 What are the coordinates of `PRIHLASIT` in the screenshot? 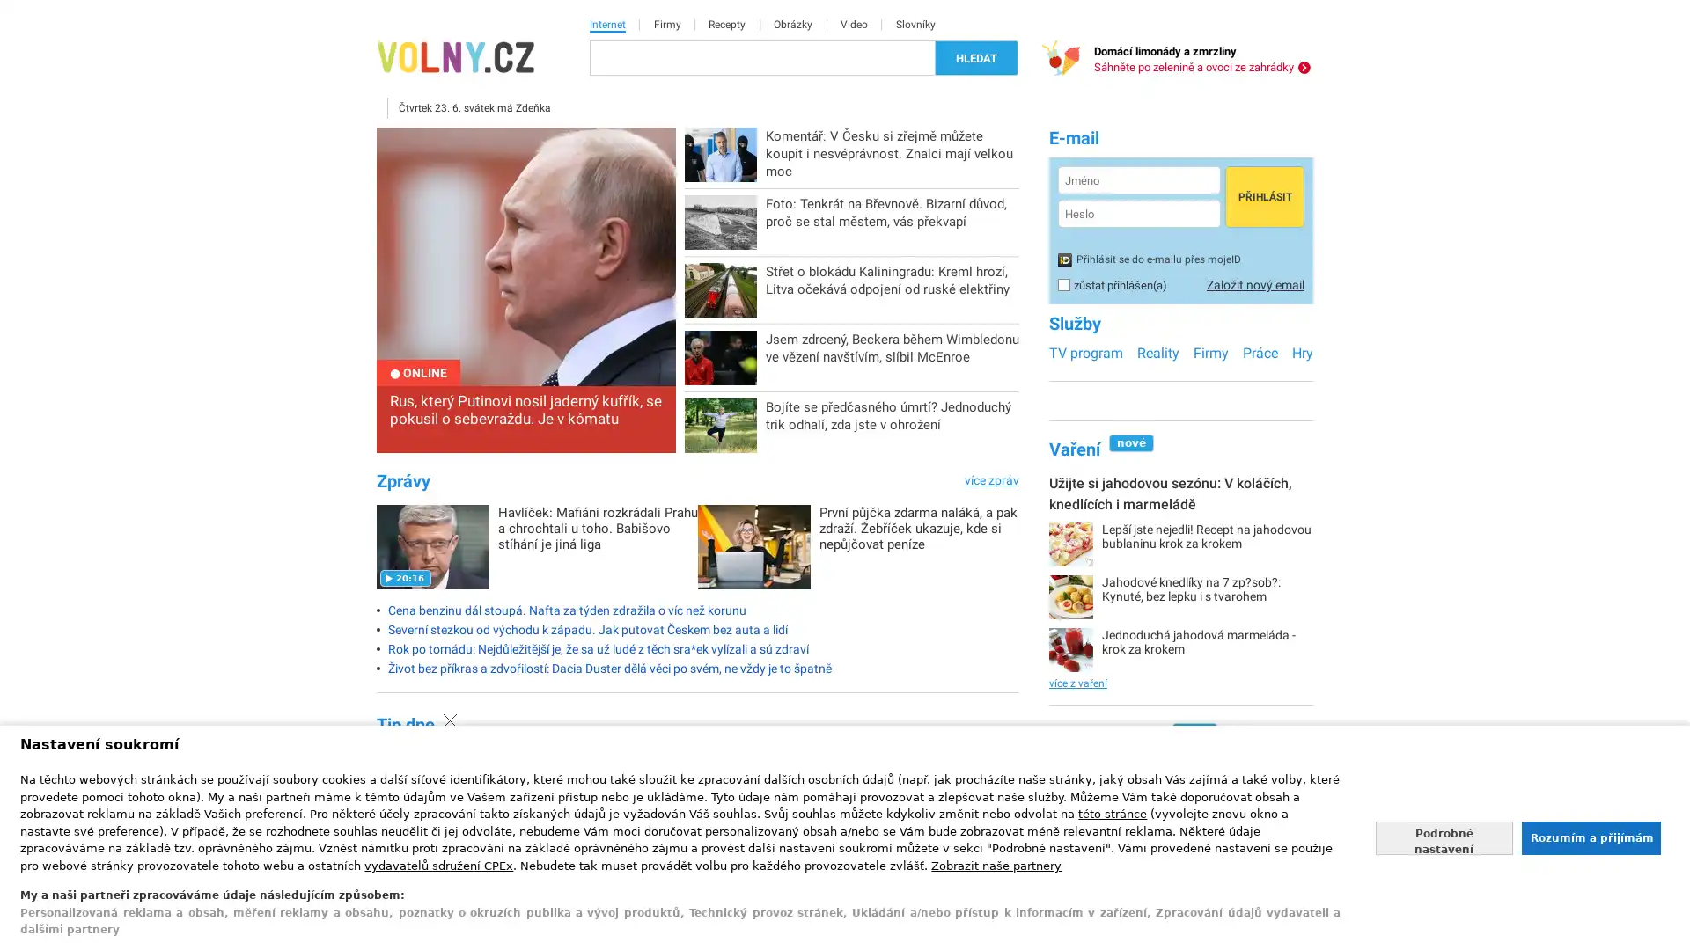 It's located at (1263, 196).